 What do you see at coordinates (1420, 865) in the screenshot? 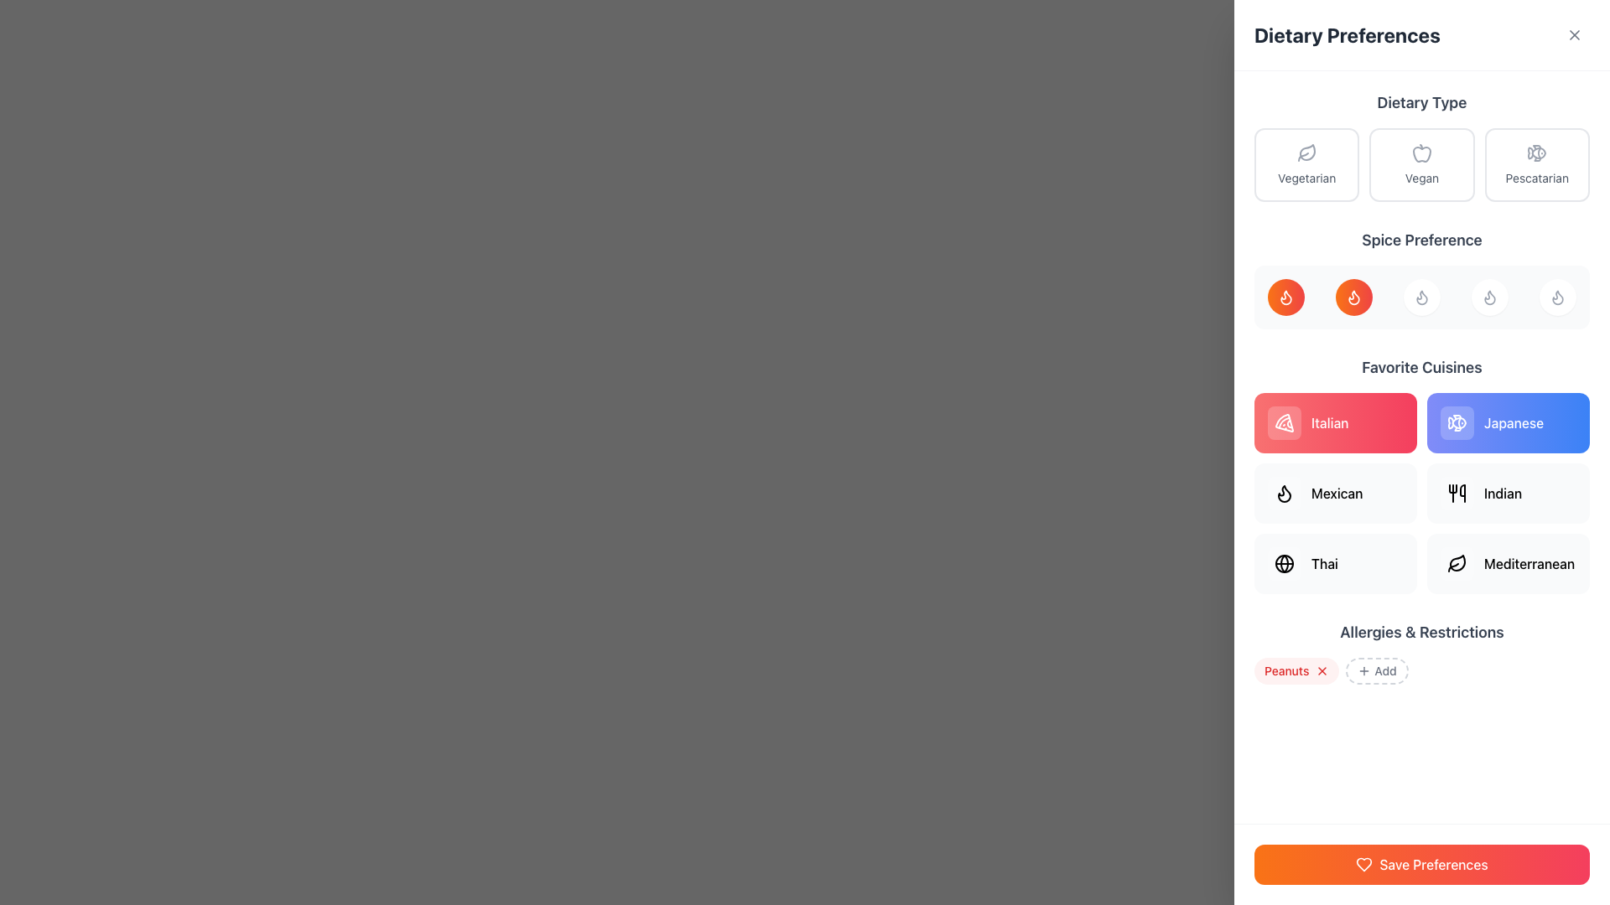
I see `the 'Save Preferences' button with a gradient background and a heart icon` at bounding box center [1420, 865].